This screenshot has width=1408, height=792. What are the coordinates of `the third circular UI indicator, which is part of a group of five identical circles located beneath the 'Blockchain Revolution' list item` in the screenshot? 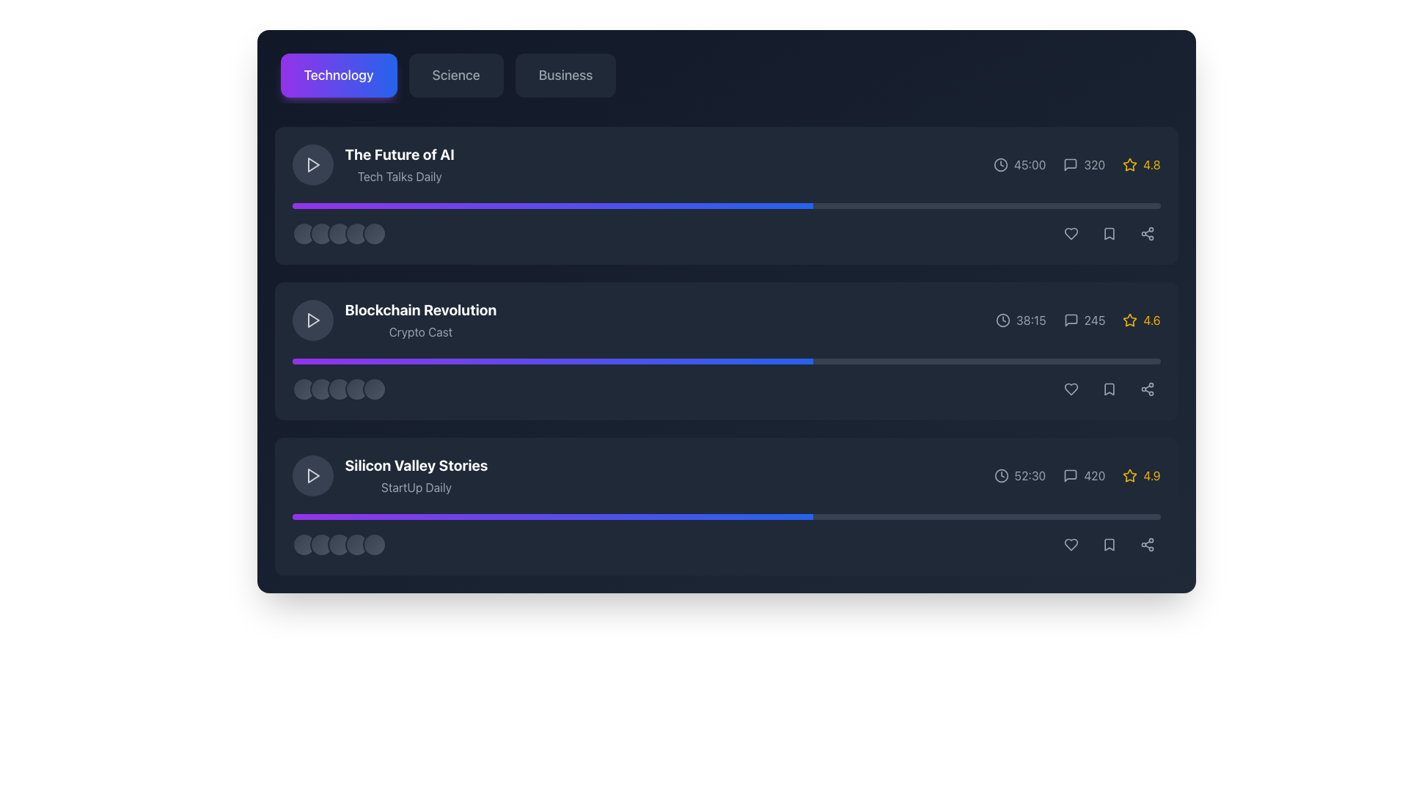 It's located at (338, 389).